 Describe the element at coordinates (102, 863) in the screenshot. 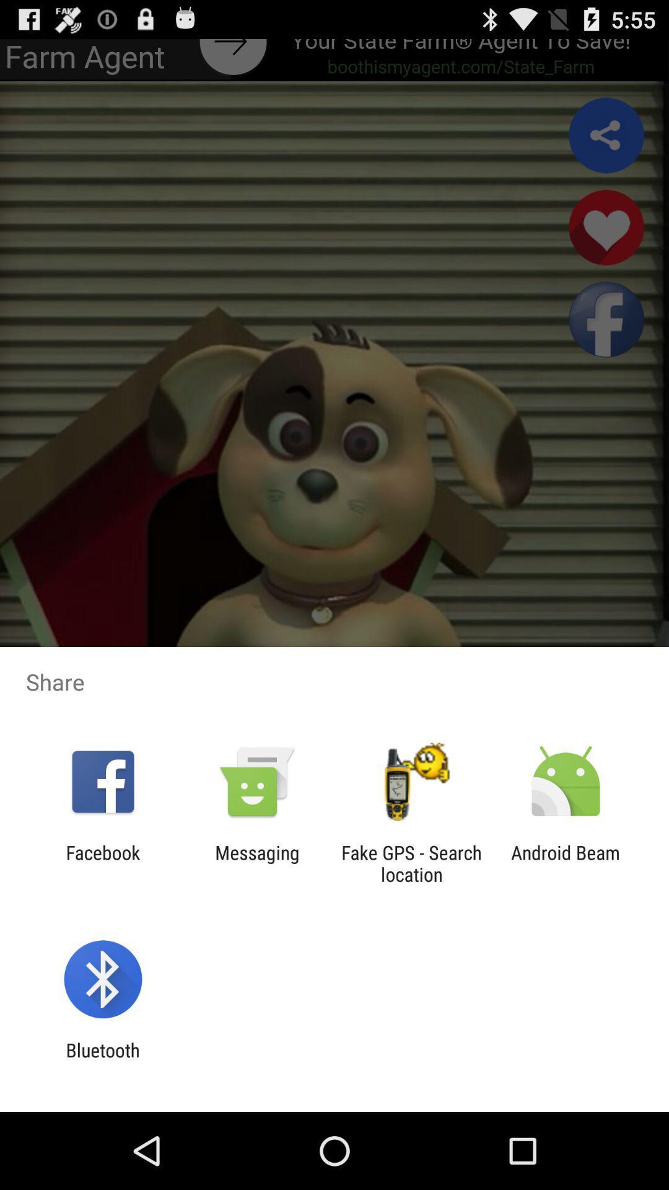

I see `facebook` at that location.